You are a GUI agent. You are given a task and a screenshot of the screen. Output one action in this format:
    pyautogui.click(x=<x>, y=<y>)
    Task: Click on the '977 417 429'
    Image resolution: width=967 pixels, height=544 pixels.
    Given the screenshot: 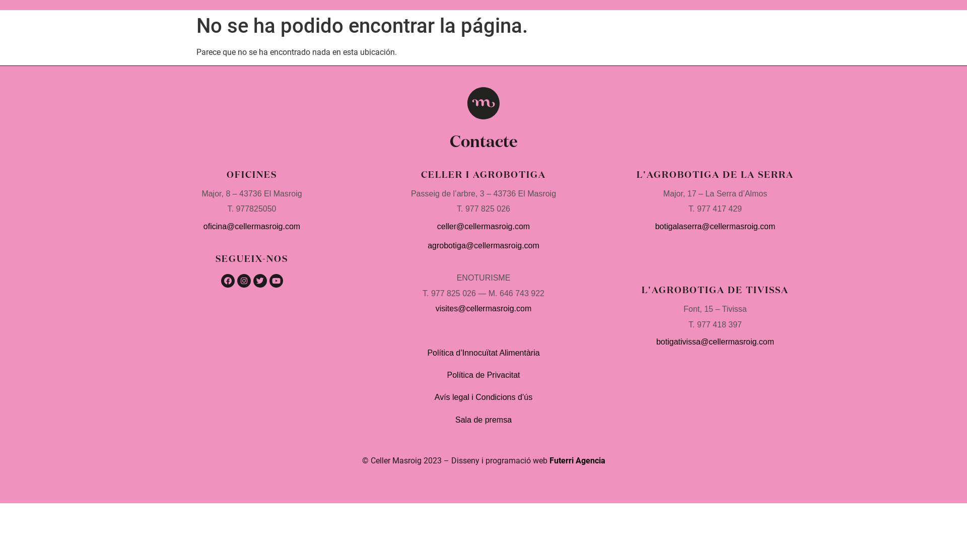 What is the action you would take?
    pyautogui.click(x=719, y=208)
    